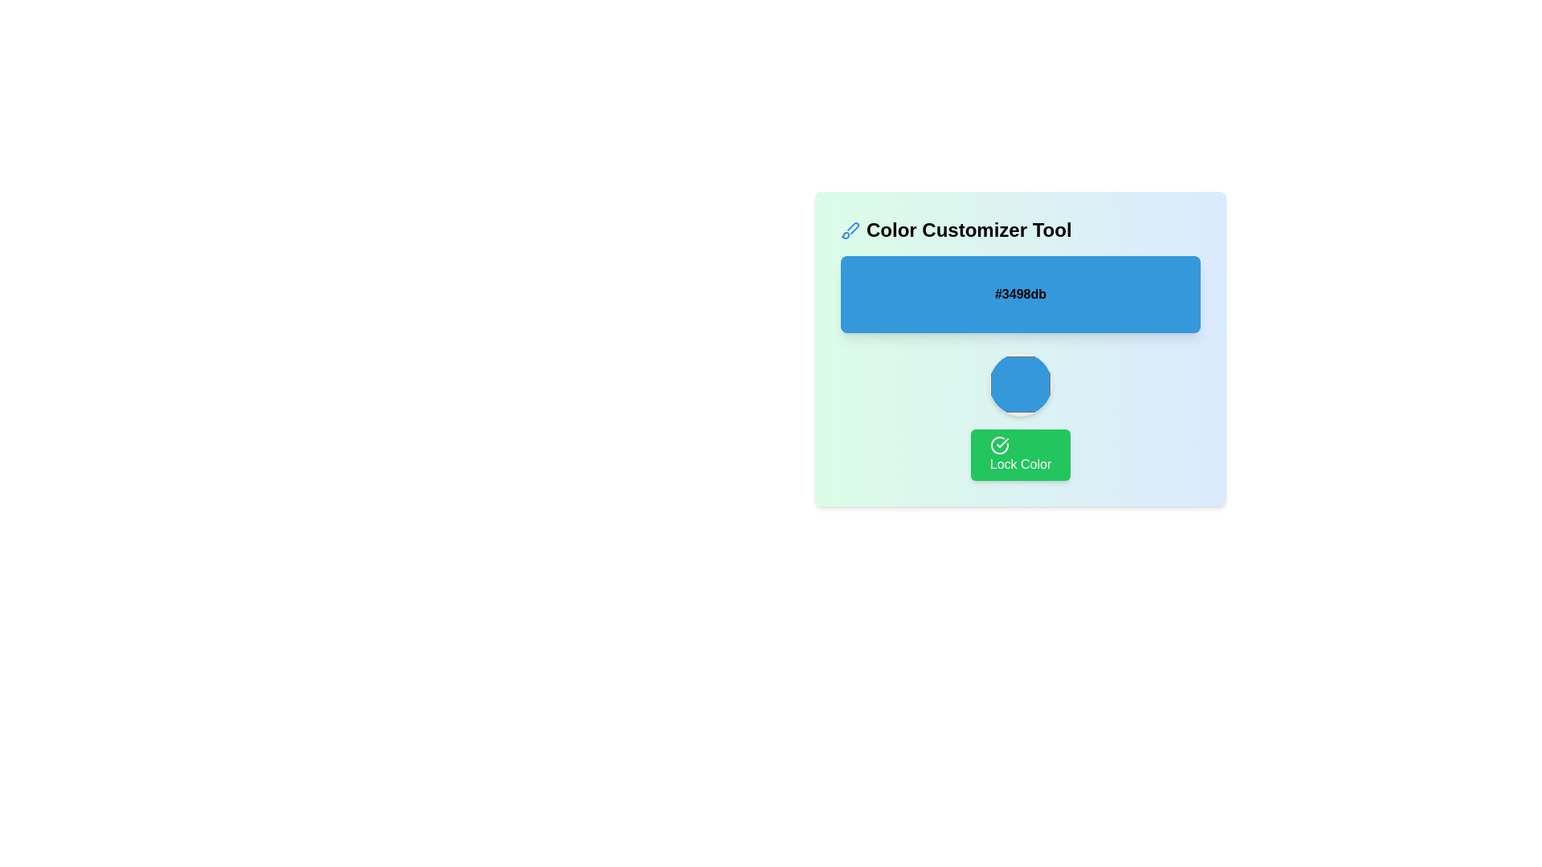 This screenshot has width=1542, height=867. Describe the element at coordinates (1020, 384) in the screenshot. I see `the circular blue color selection button located centrally below the color code display and above the 'Lock Color' button` at that location.